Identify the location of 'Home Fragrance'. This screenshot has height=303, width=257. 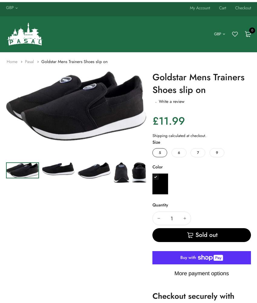
(1, 23).